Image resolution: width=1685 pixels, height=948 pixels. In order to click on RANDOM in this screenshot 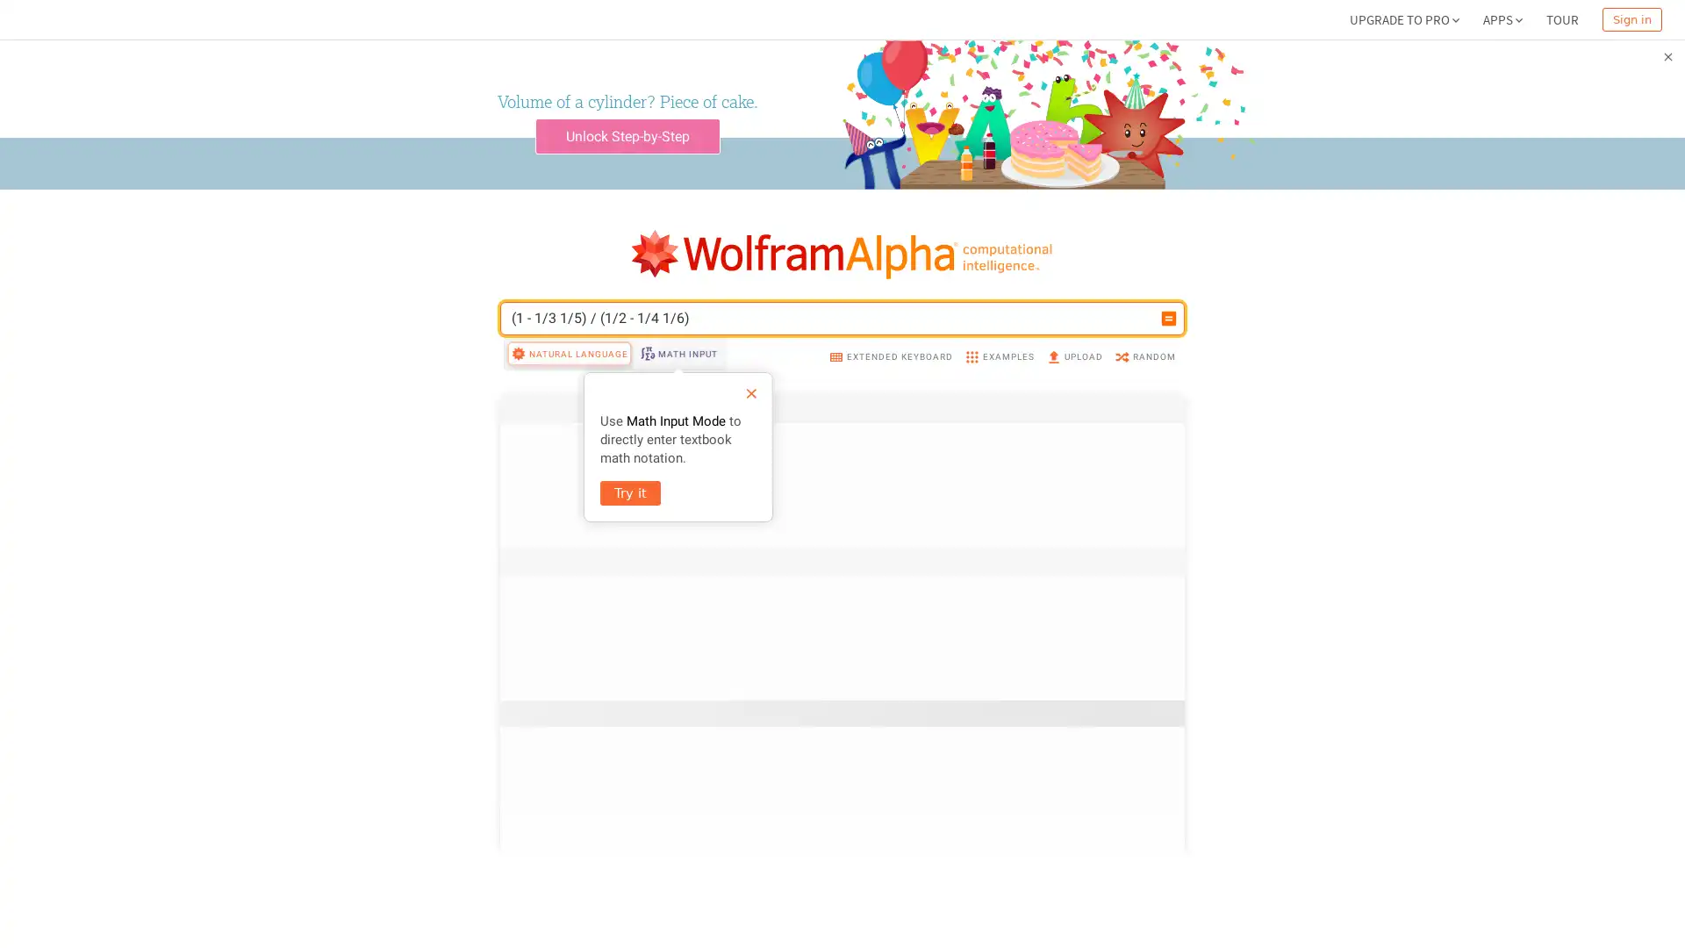, I will do `click(1144, 355)`.